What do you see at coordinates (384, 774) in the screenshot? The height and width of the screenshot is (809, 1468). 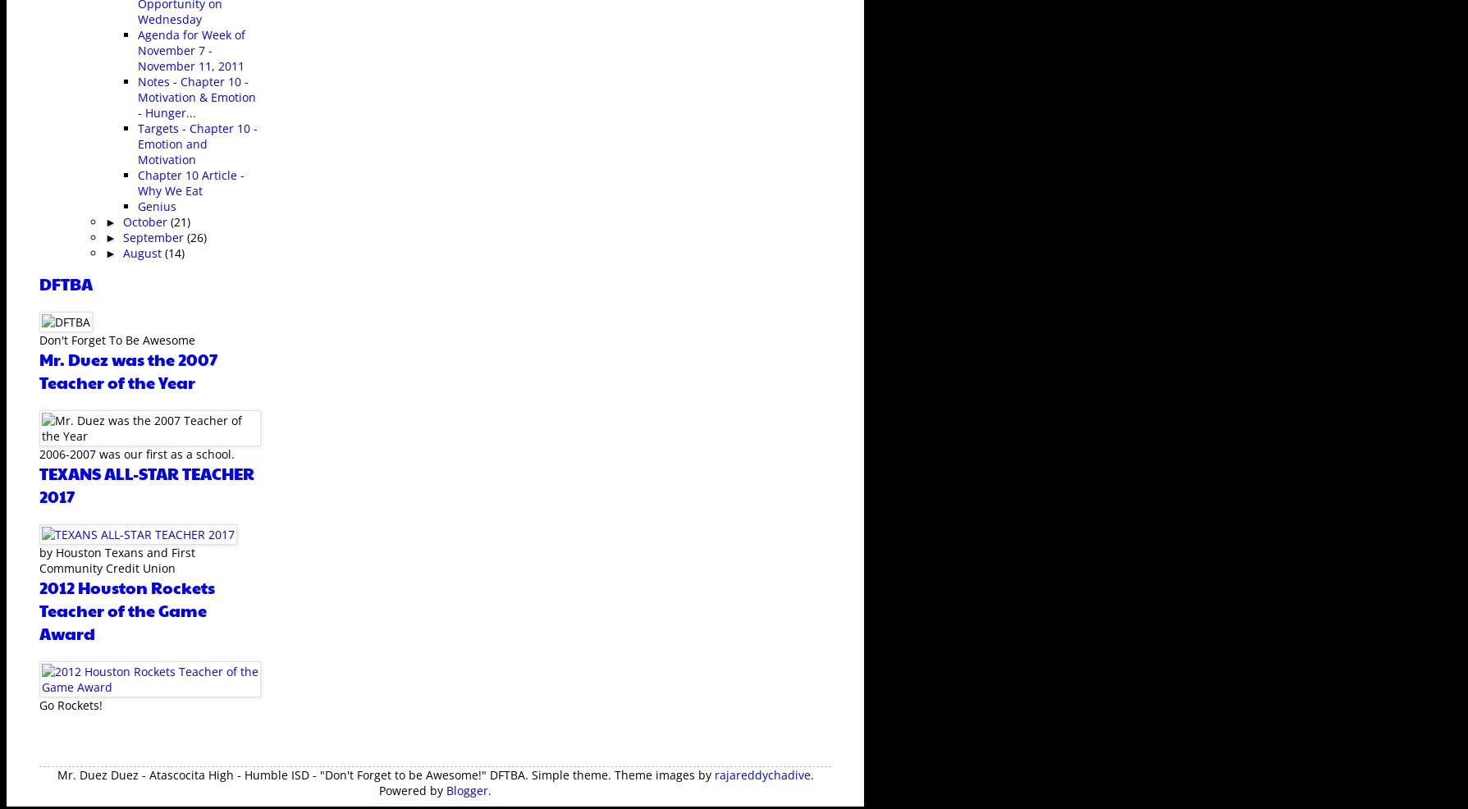 I see `'Mr. Duez Duez - Atascocita High - Humble ISD - "Don't Forget to be Awesome!" DFTBA. Simple theme. Theme images by'` at bounding box center [384, 774].